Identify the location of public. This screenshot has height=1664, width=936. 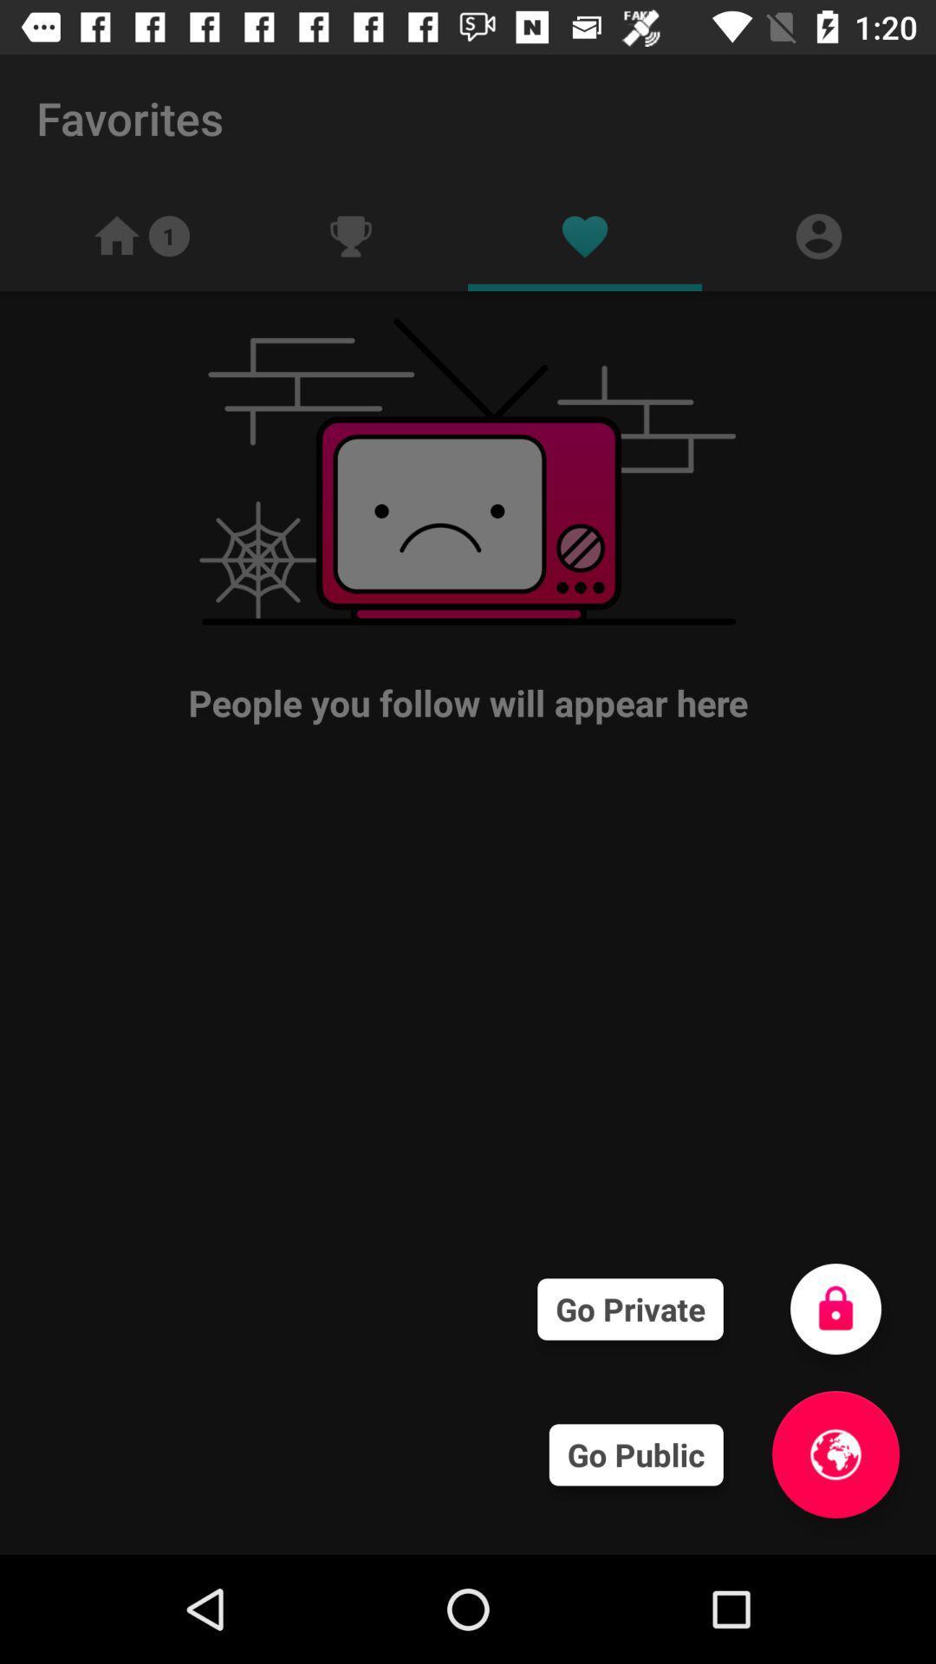
(835, 1454).